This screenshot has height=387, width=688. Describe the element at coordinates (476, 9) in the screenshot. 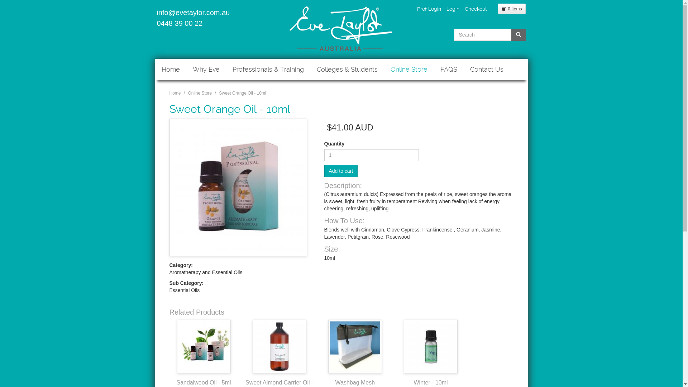

I see `'Checkout'` at that location.